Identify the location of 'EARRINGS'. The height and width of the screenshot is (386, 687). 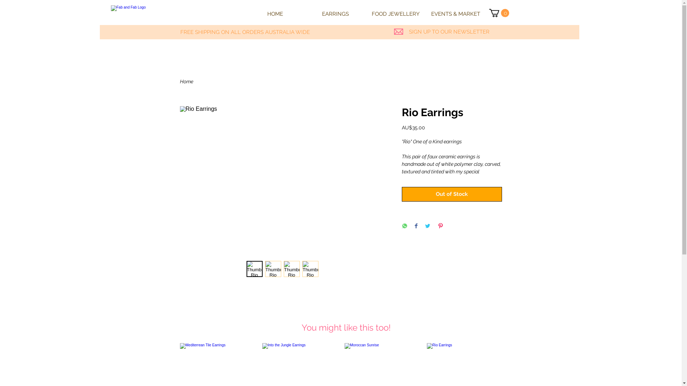
(335, 14).